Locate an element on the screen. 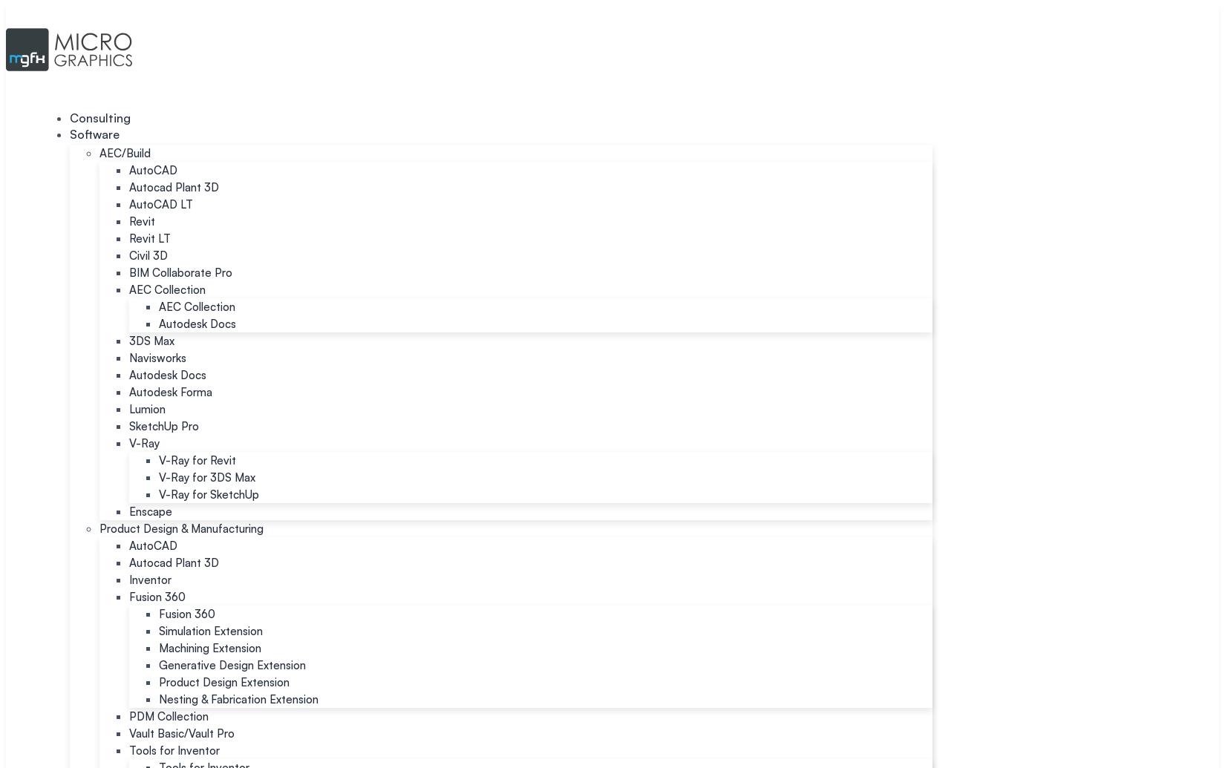 Image resolution: width=1225 pixels, height=768 pixels. 'AutoCAD LT' is located at coordinates (160, 204).